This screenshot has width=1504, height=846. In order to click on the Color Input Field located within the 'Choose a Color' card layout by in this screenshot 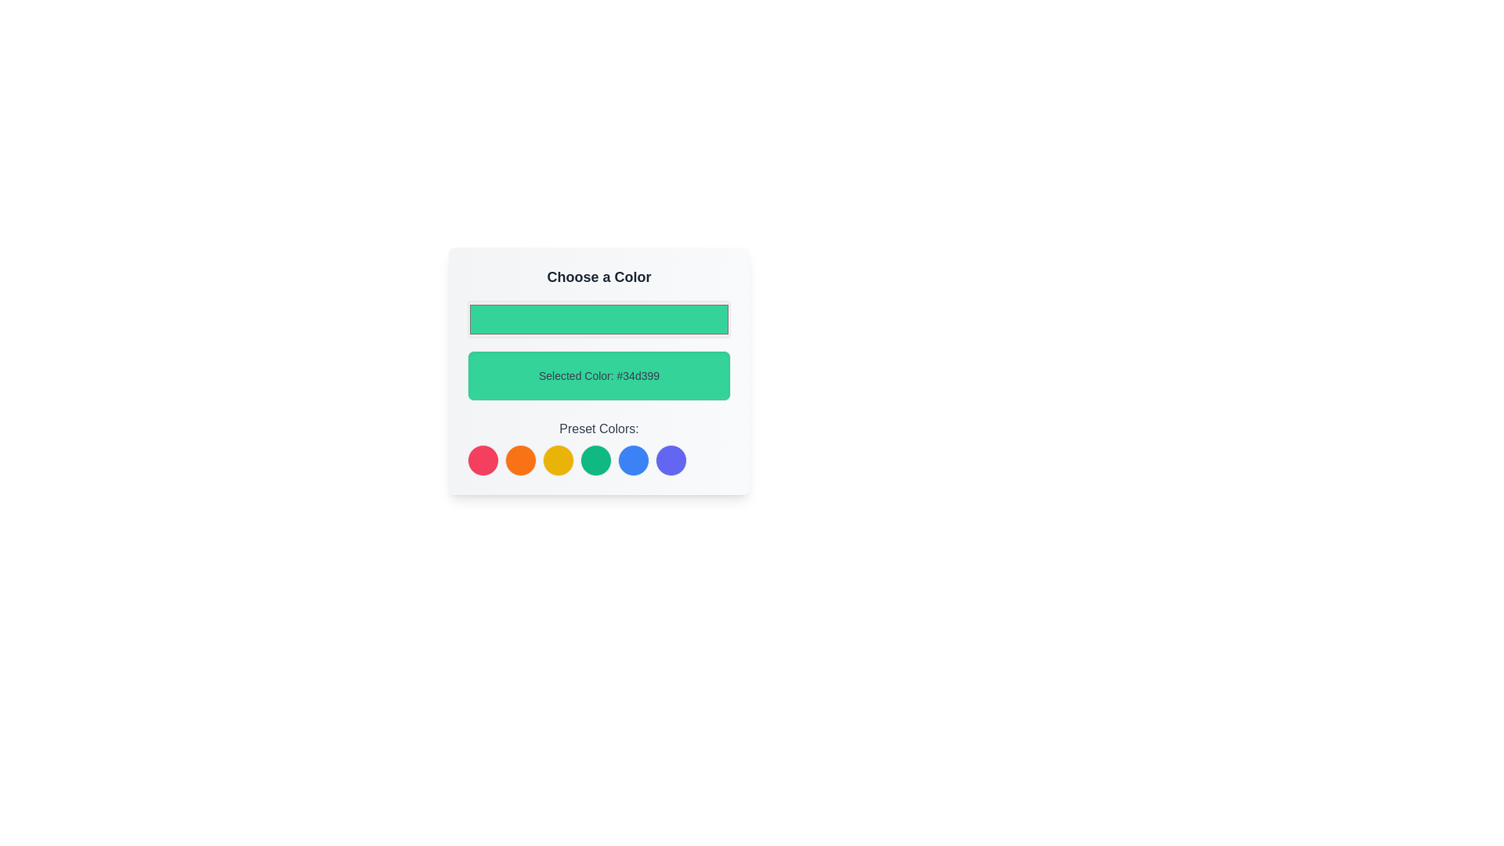, I will do `click(598, 319)`.